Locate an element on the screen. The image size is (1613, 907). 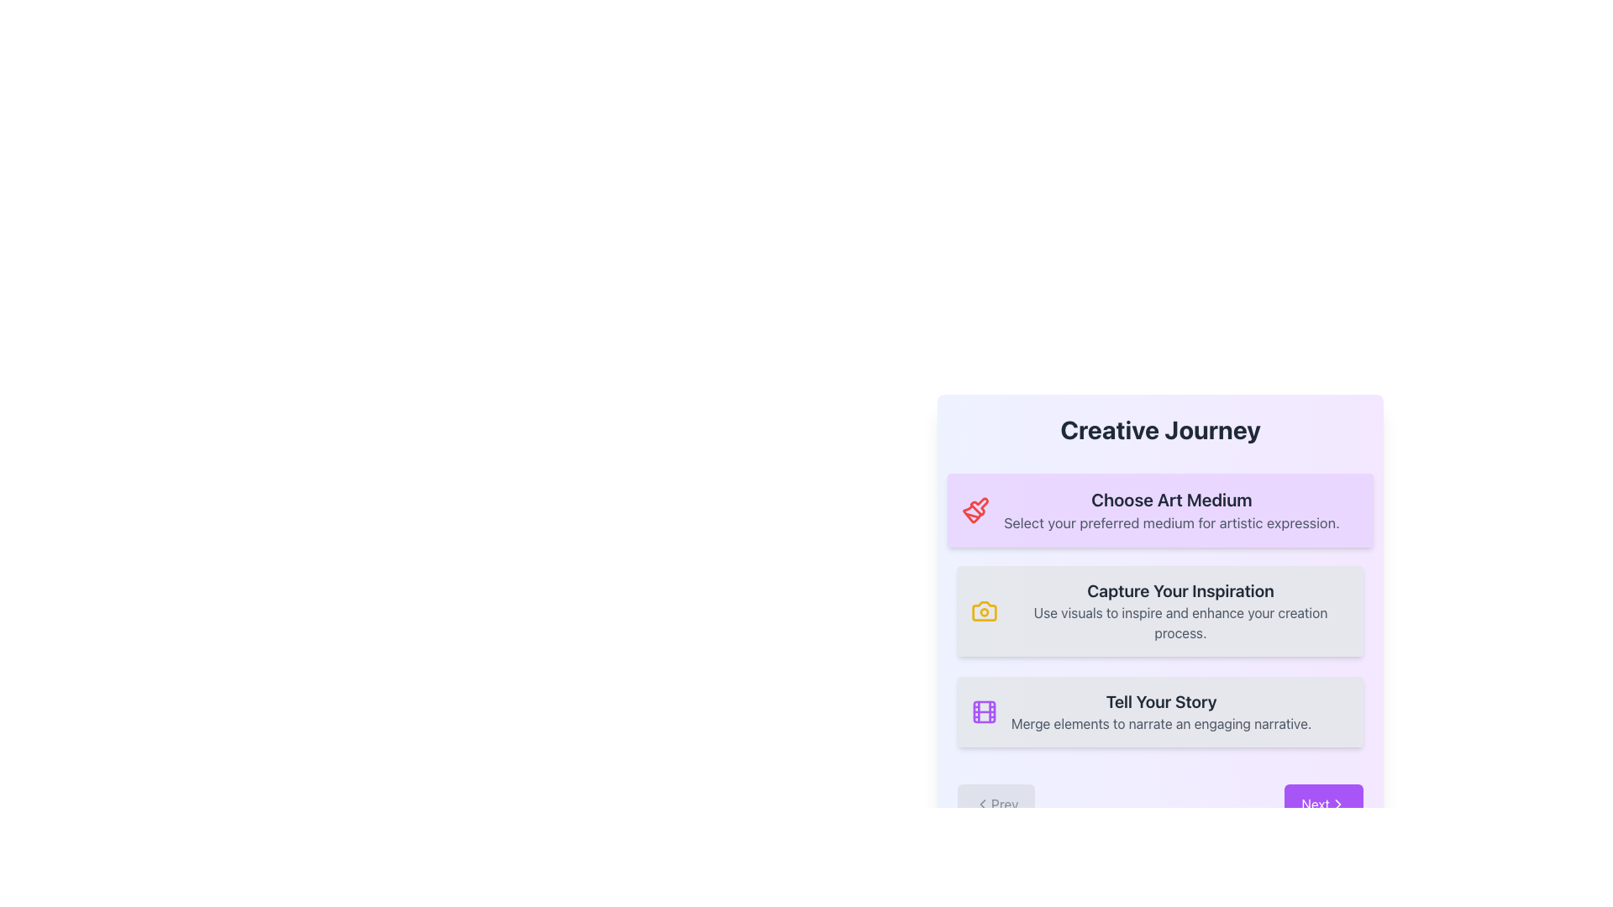
the 'Tell Your Story' icon which is the third option in a vertical list, located left of the text 'Tell Your Story' is located at coordinates (984, 712).